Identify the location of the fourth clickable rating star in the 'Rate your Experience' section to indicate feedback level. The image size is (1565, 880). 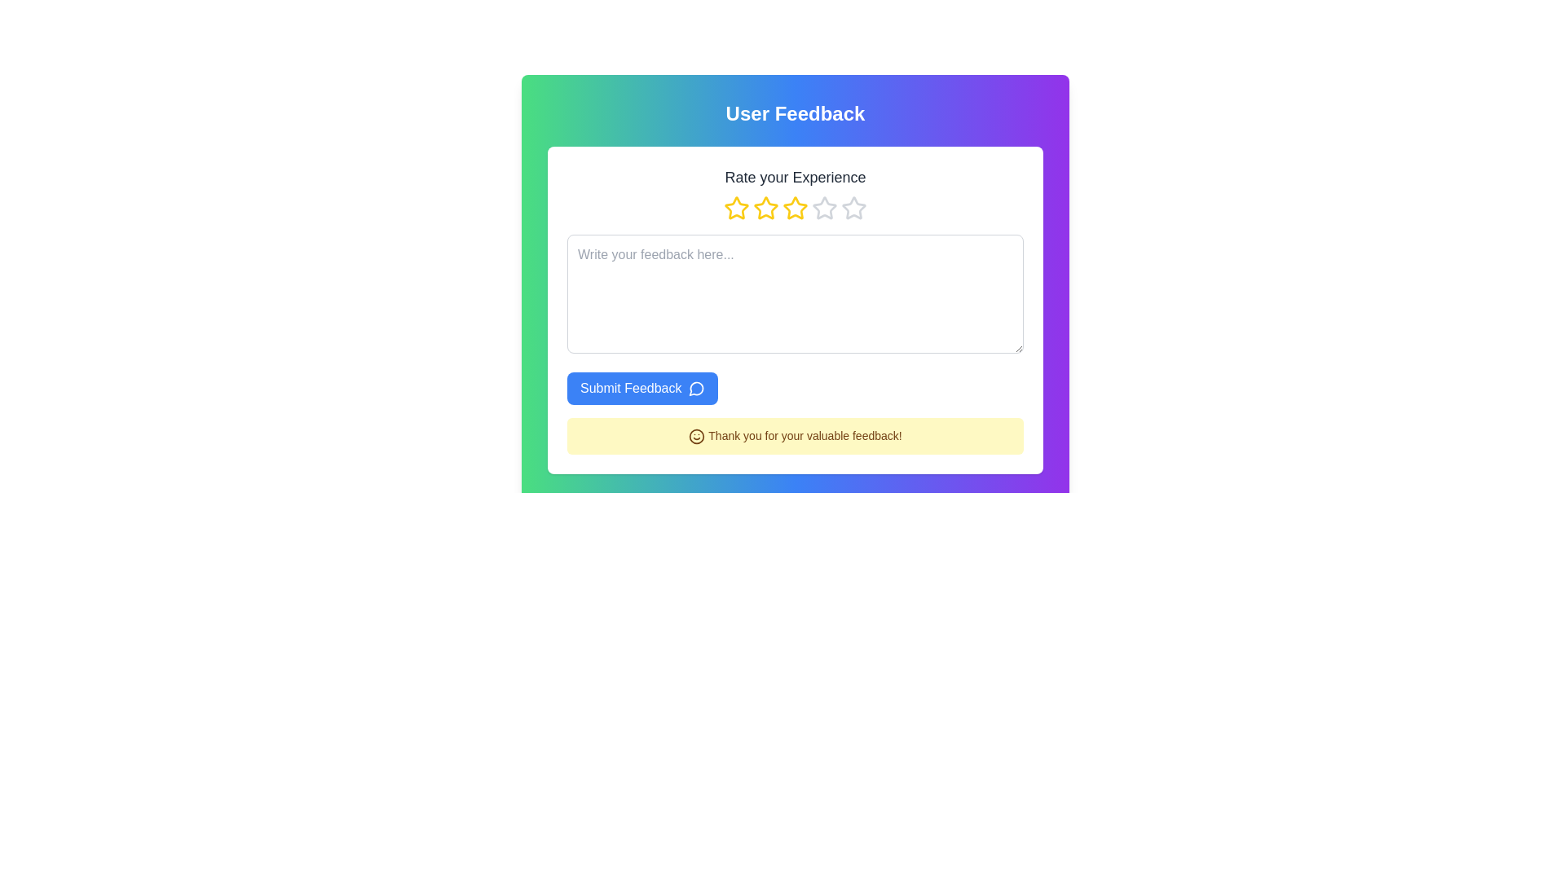
(795, 207).